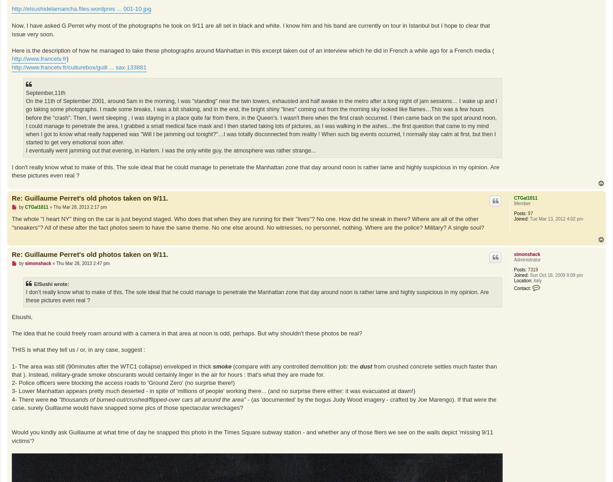 The width and height of the screenshot is (613, 482). I want to click on '7319', so click(527, 270).